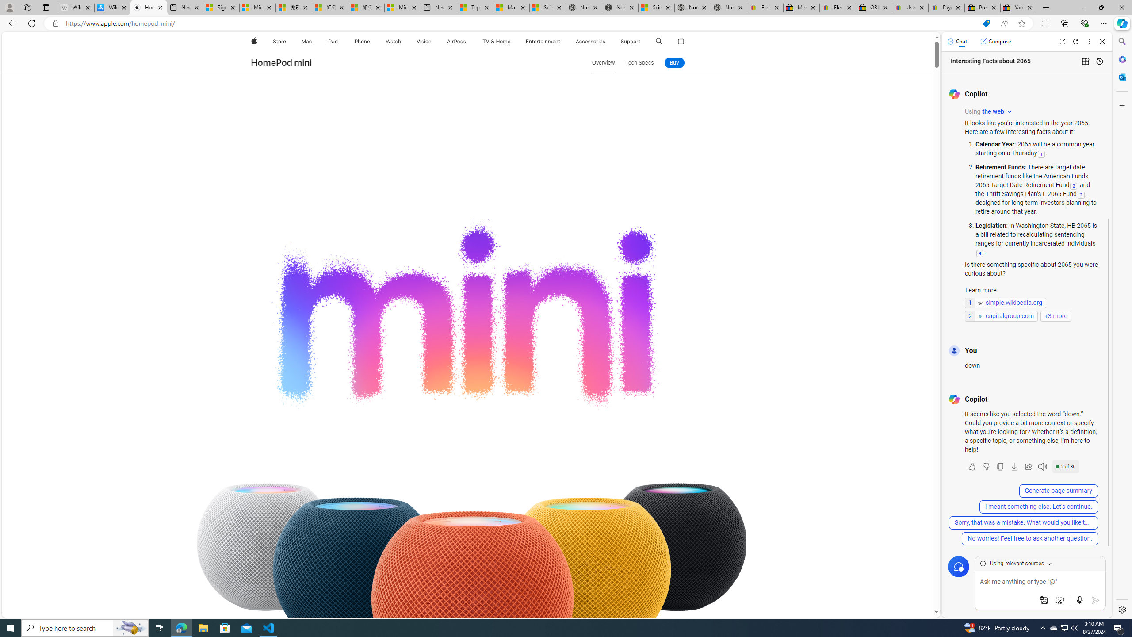  What do you see at coordinates (642, 41) in the screenshot?
I see `'Support menu'` at bounding box center [642, 41].